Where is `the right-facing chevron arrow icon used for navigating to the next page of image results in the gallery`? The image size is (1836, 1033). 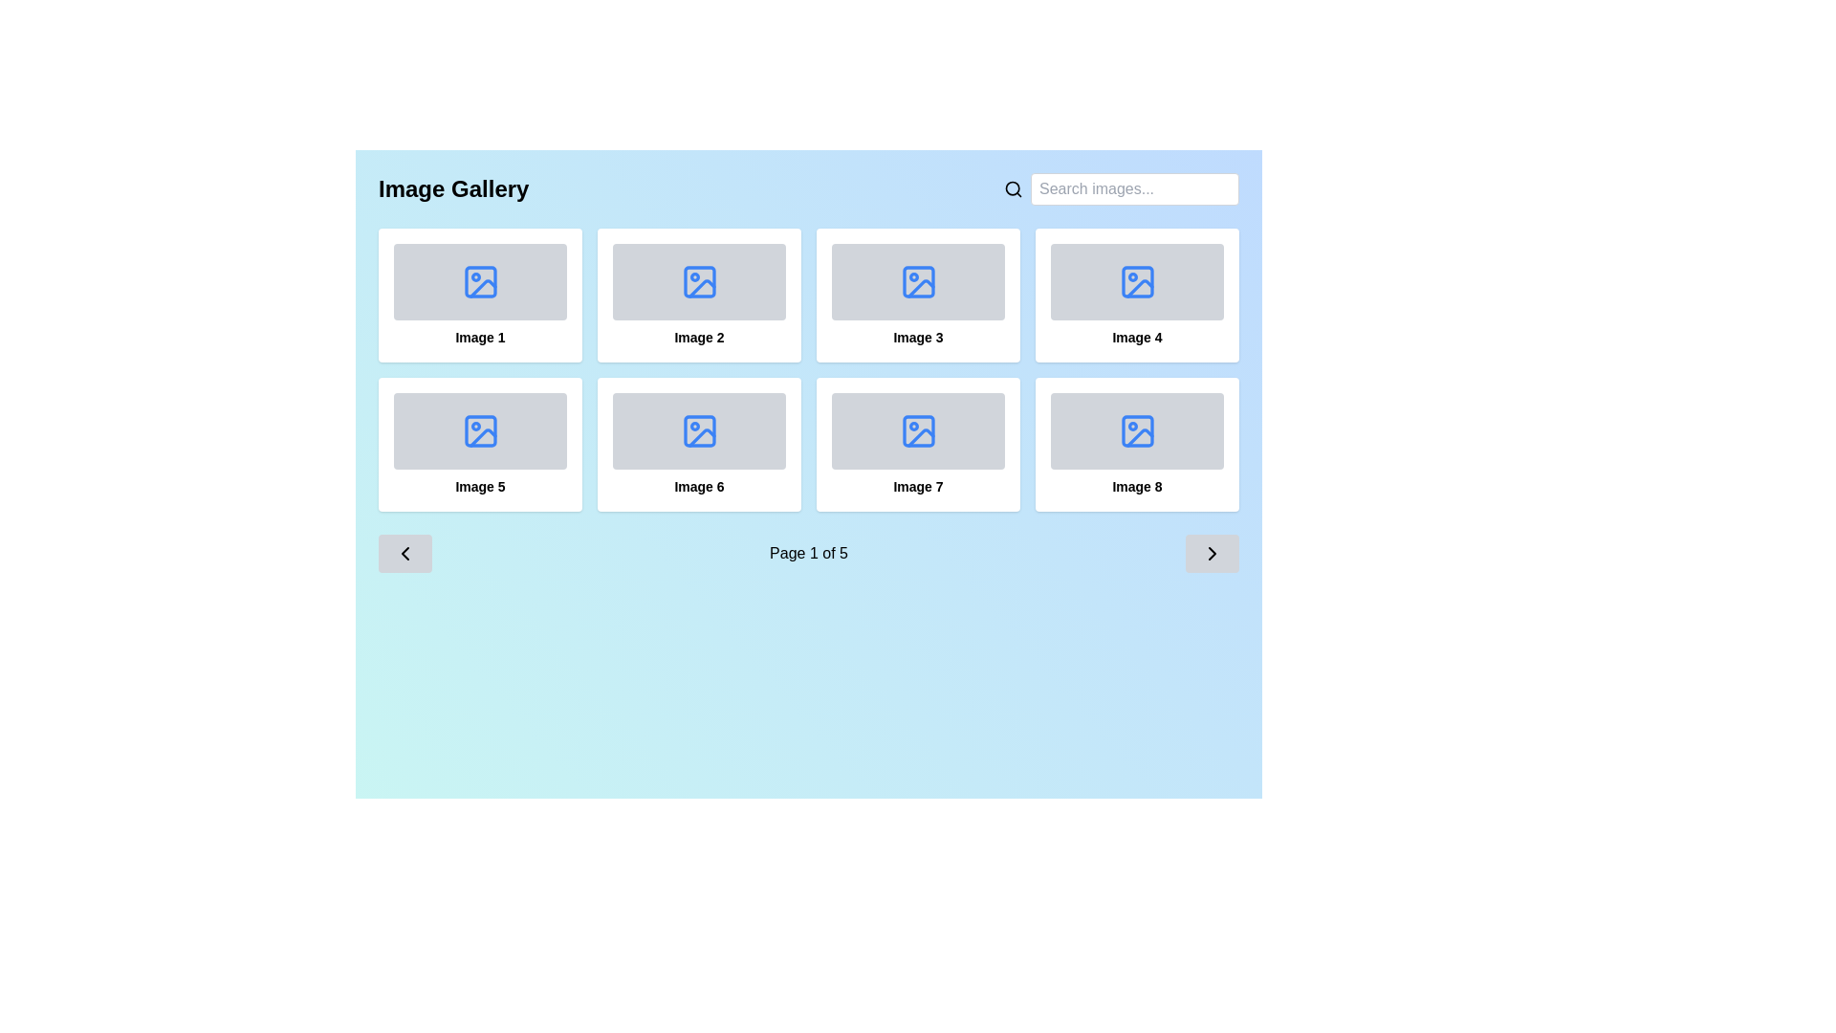
the right-facing chevron arrow icon used for navigating to the next page of image results in the gallery is located at coordinates (1211, 553).